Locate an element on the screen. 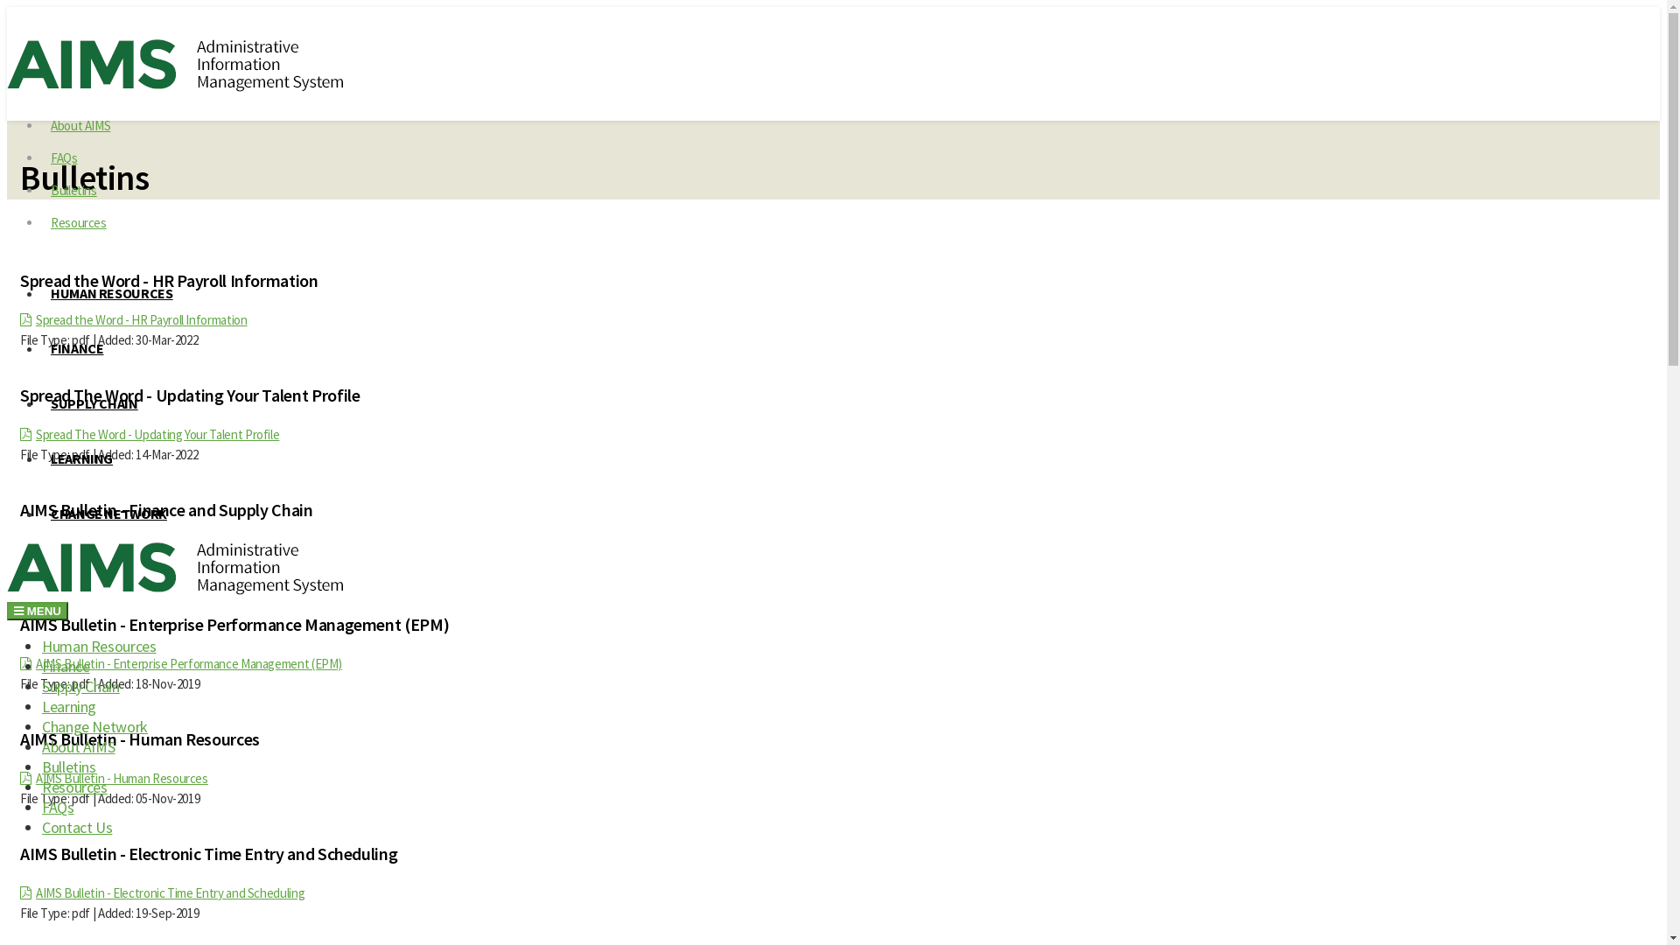  'MENU' is located at coordinates (38, 610).